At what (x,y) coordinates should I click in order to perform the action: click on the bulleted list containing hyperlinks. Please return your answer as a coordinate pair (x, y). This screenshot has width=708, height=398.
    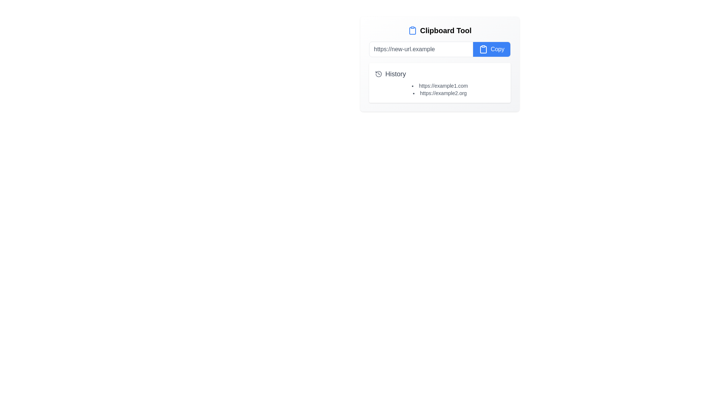
    Looking at the image, I should click on (440, 89).